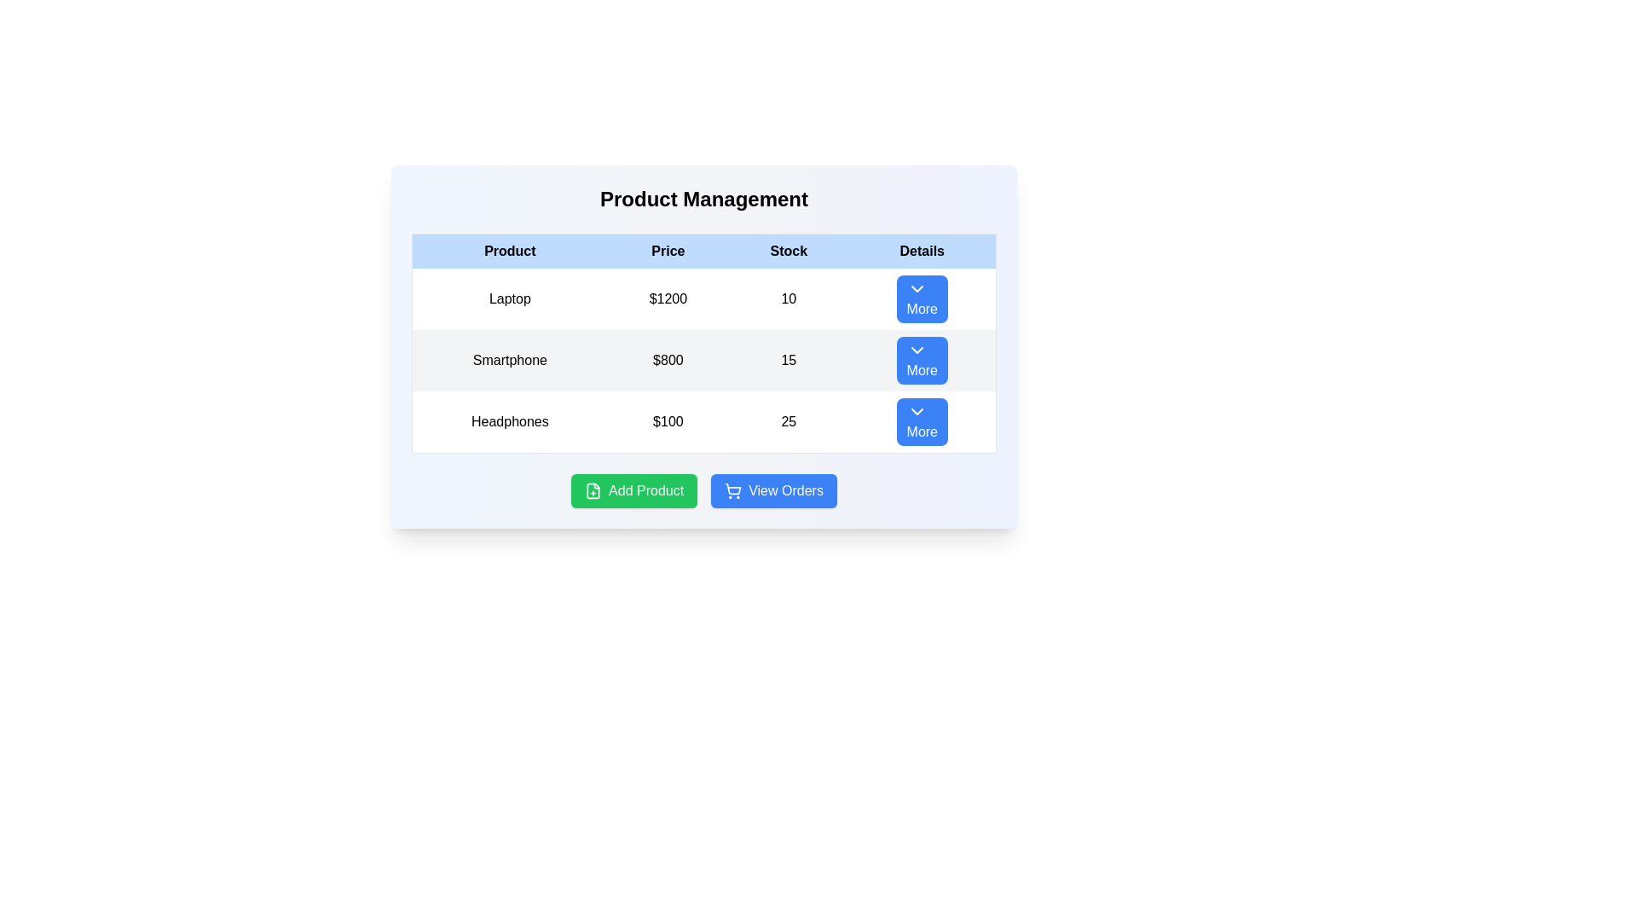 This screenshot has width=1637, height=921. What do you see at coordinates (703, 360) in the screenshot?
I see `the second row in the product table that contains the smartphone details including the name 'Smartphone', price '$800', stock quantity '15', and a button labeled 'More'` at bounding box center [703, 360].